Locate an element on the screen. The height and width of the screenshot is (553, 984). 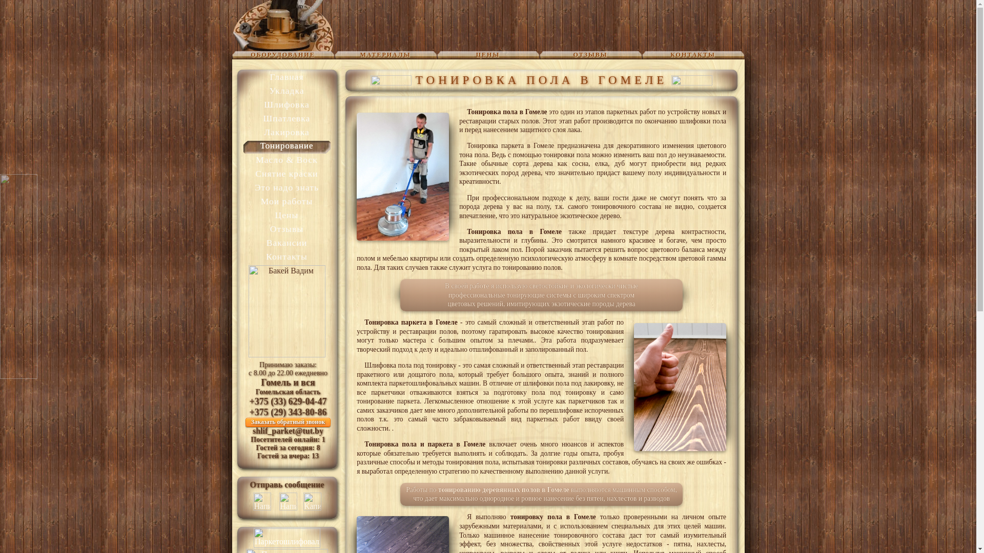
'+375 (29) 343-80-86' is located at coordinates (287, 412).